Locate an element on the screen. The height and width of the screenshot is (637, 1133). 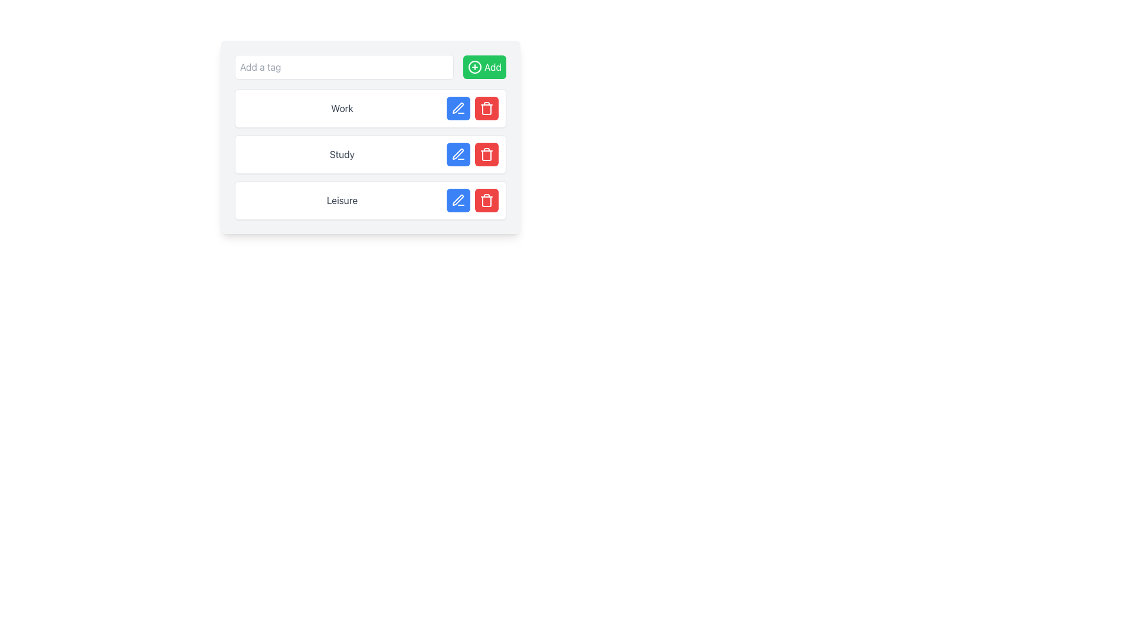
the trash/delete icon button associated with the 'Work' category is located at coordinates (487, 109).